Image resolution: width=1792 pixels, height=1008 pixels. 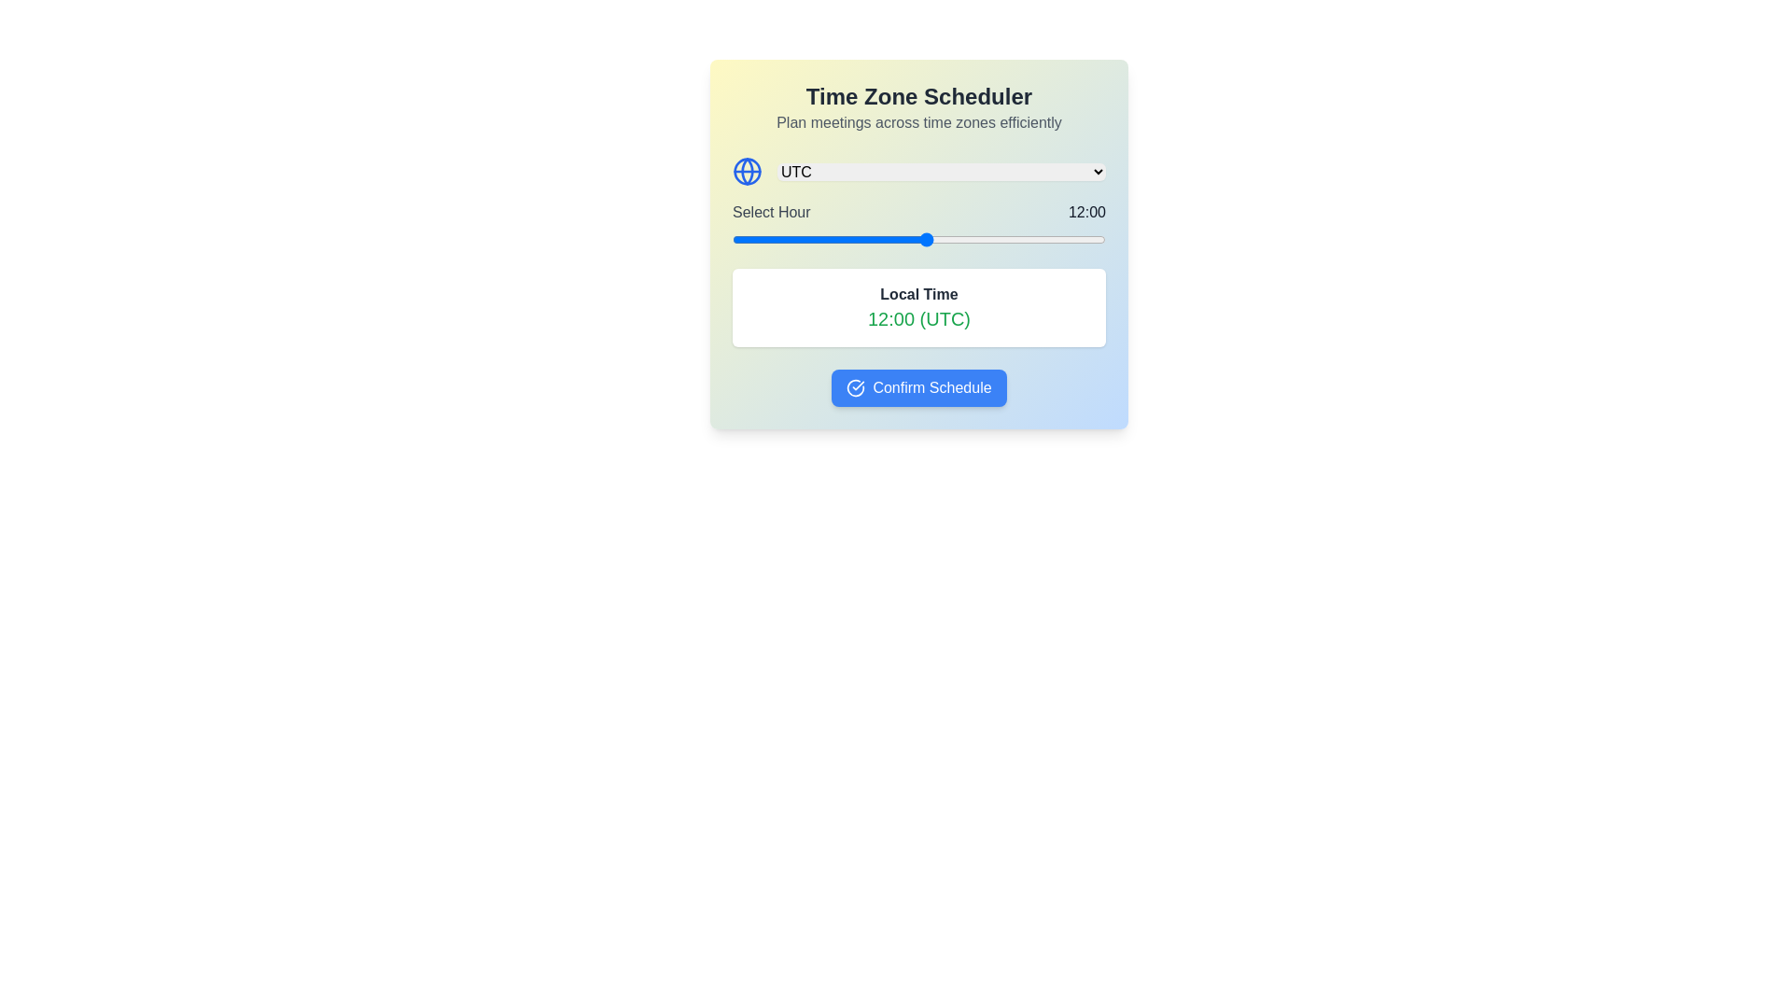 I want to click on the label text that describes the local time displayed below it, which is located near the top center of the interface inside a white box with rounded corners, so click(x=918, y=294).